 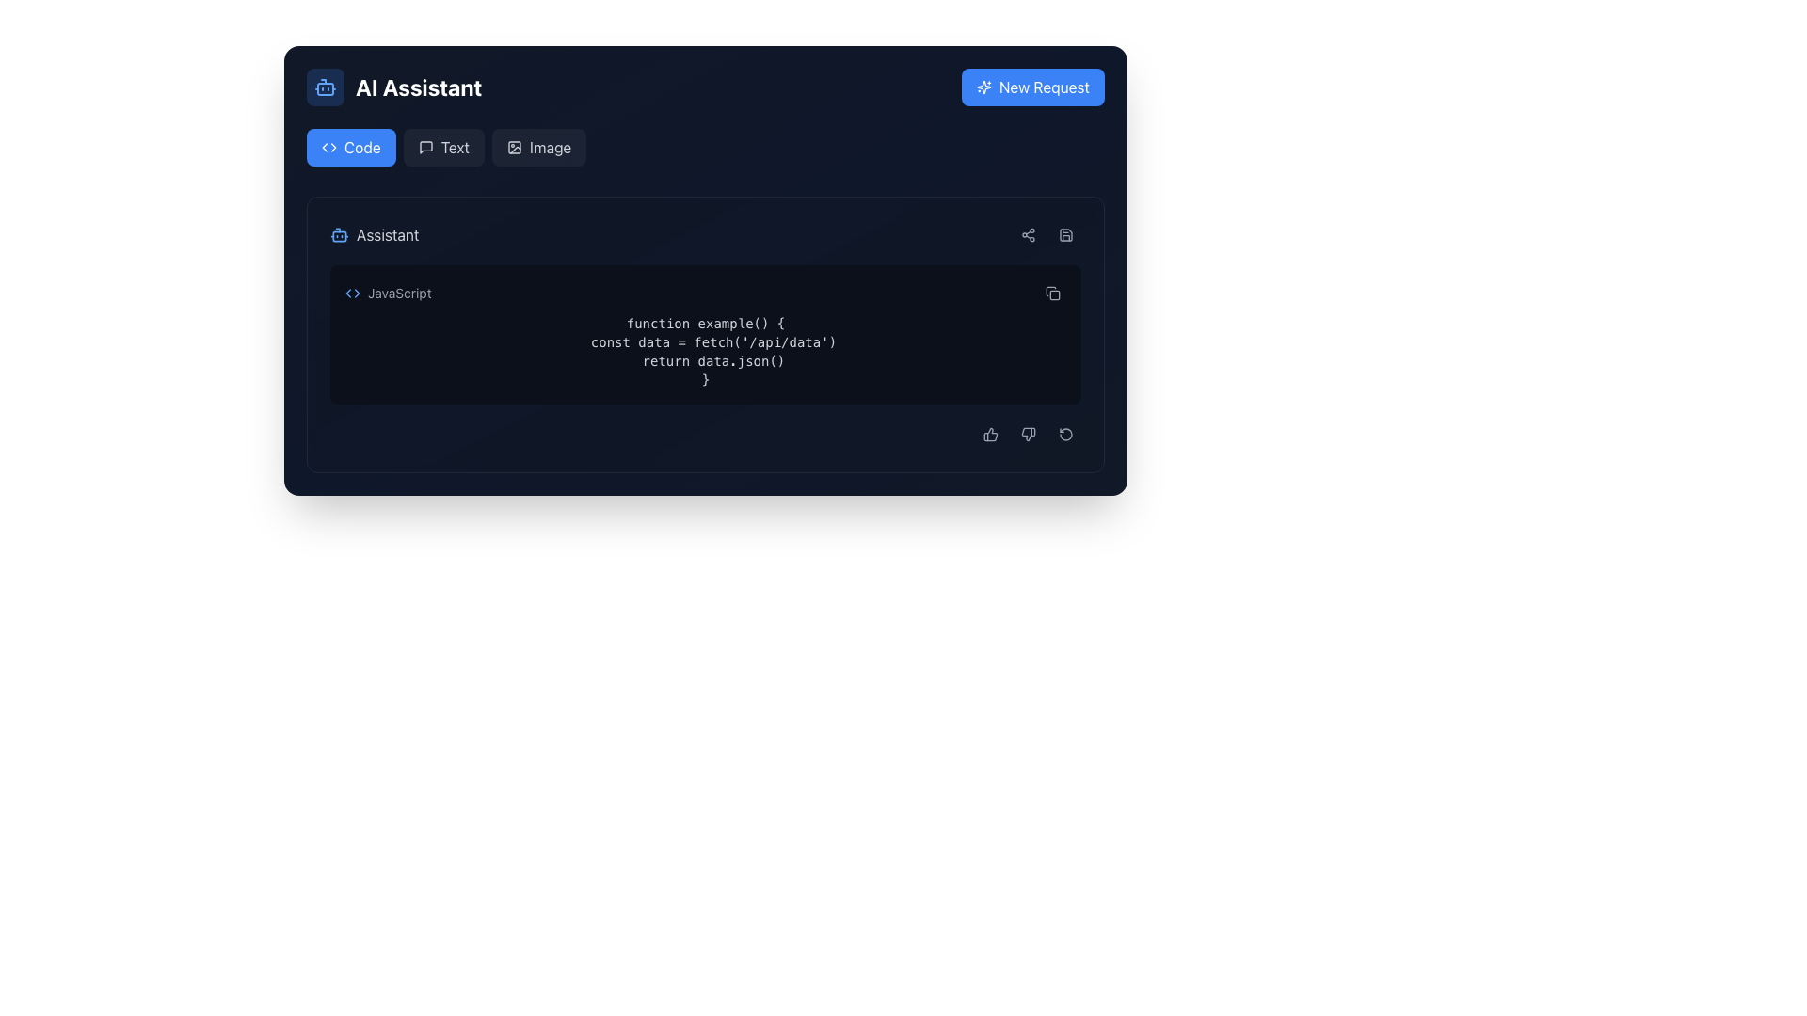 I want to click on the small graphical representation icon in the toolbar that depicts save functionality, so click(x=1065, y=234).